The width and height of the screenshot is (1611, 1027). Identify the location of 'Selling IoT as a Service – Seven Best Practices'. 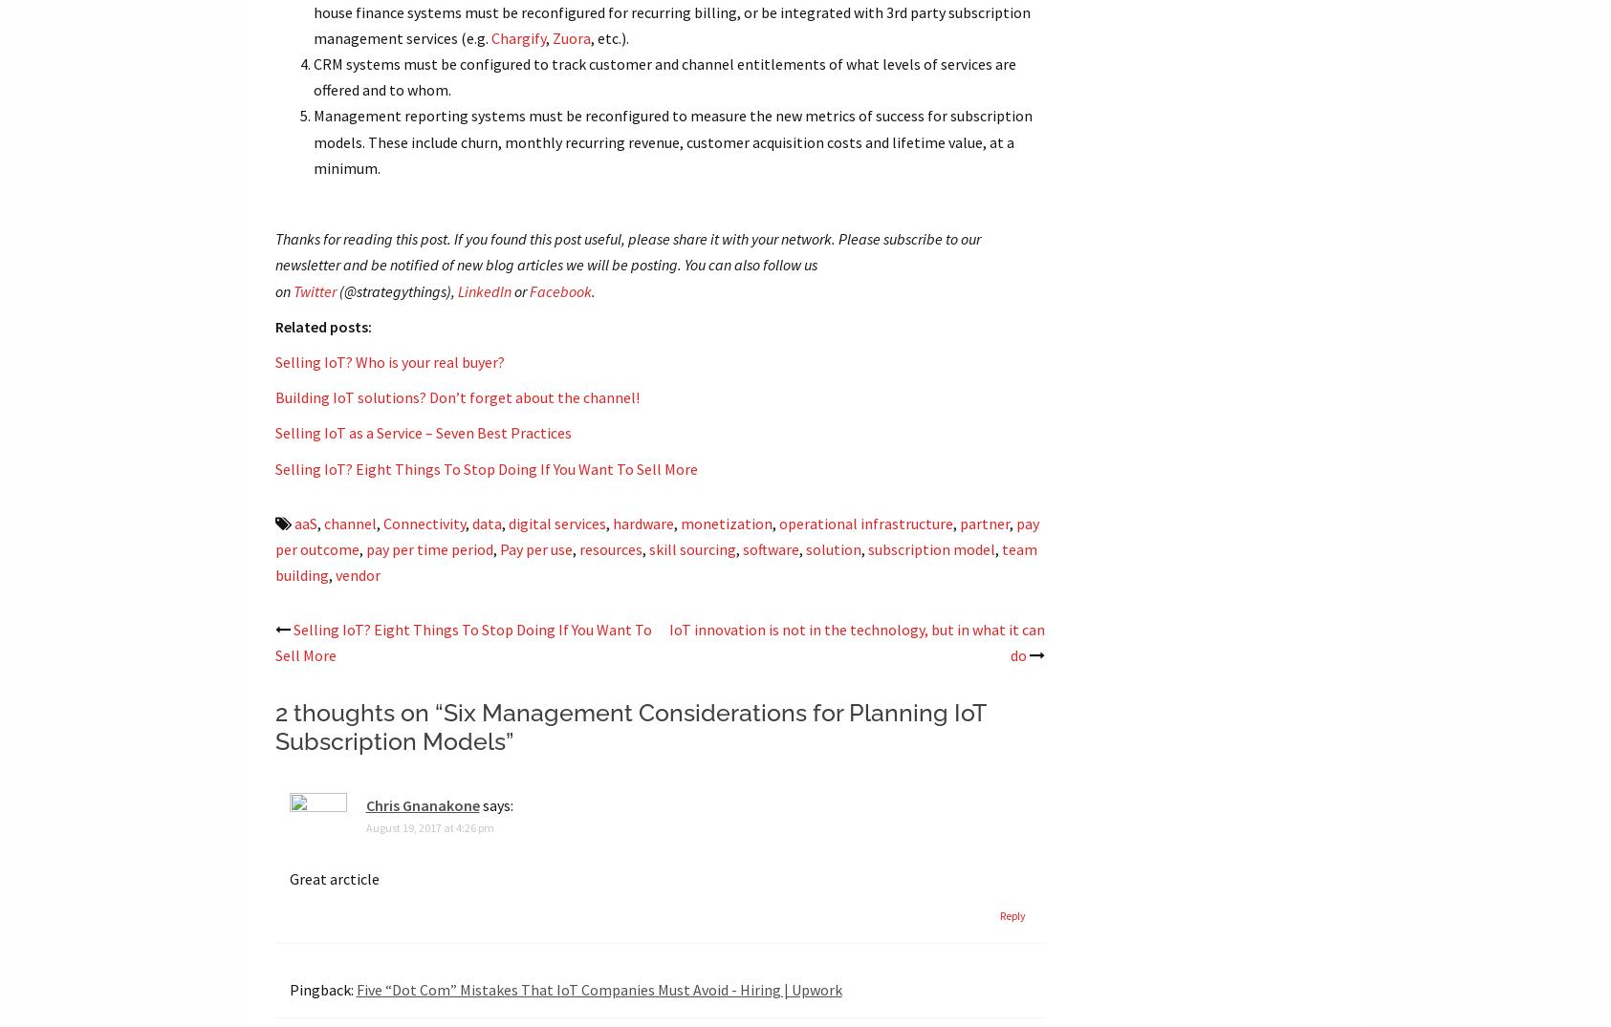
(421, 433).